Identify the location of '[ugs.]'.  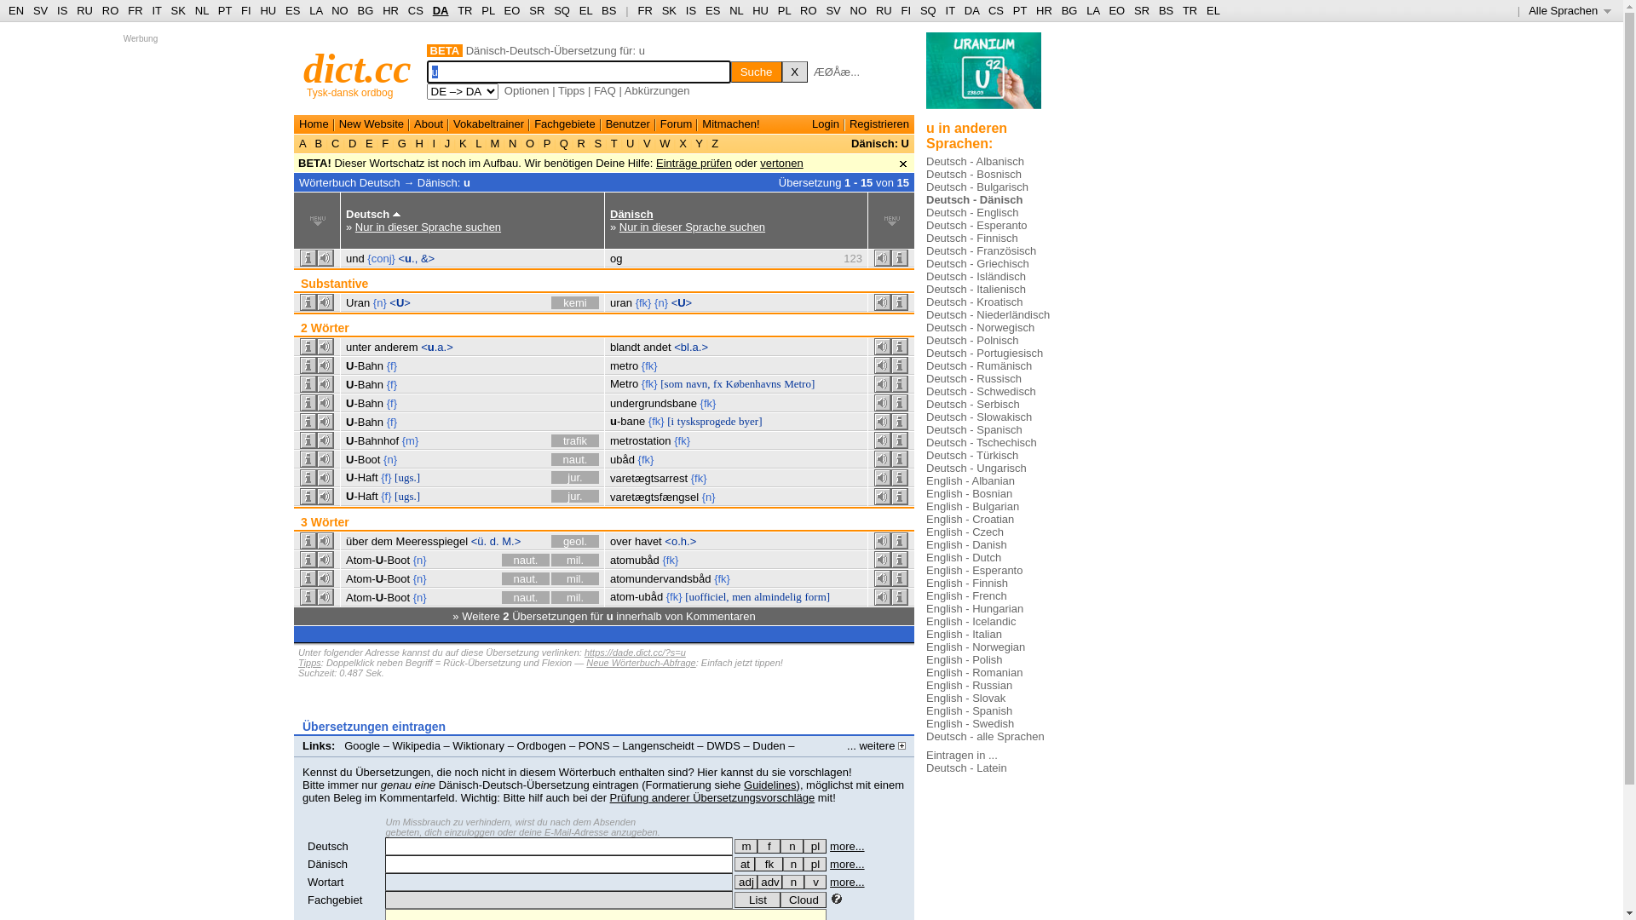
(406, 477).